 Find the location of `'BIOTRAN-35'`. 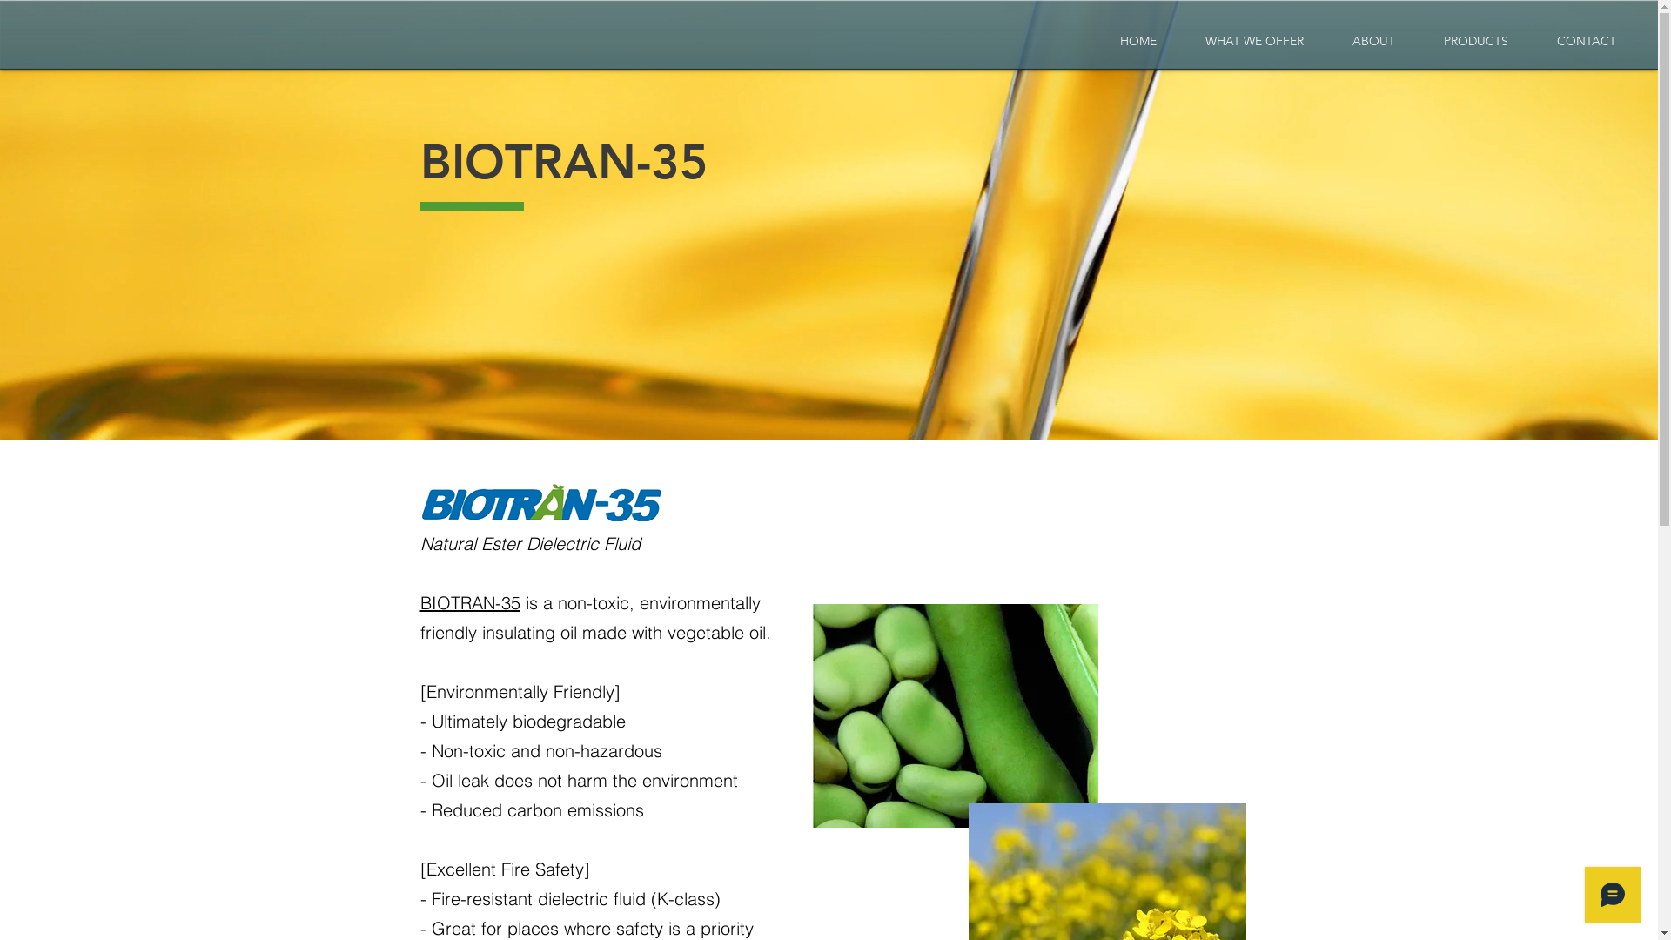

'BIOTRAN-35' is located at coordinates (469, 601).